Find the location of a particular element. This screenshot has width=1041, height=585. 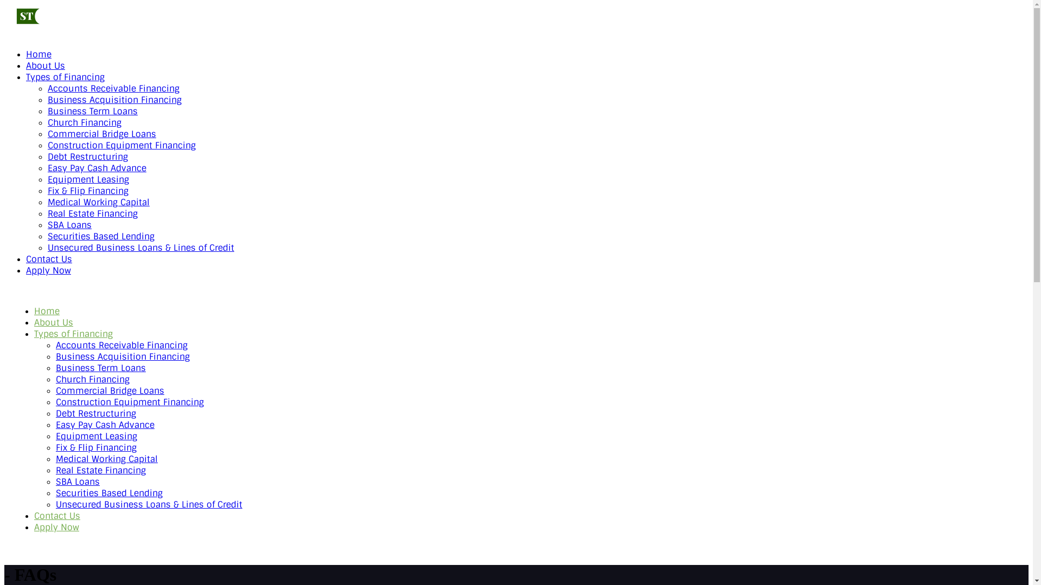

'Accounts Receivable Financing' is located at coordinates (113, 88).